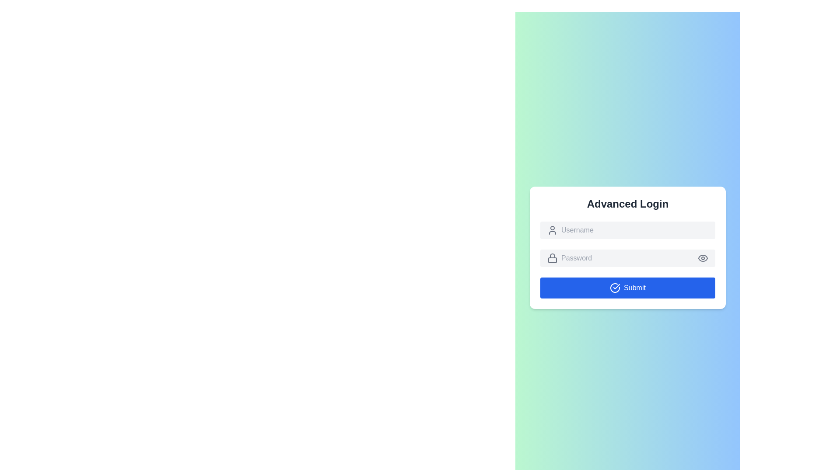 This screenshot has width=840, height=472. Describe the element at coordinates (627, 288) in the screenshot. I see `the 'Submit' button located at the bottom of the 'Advanced Login' form` at that location.